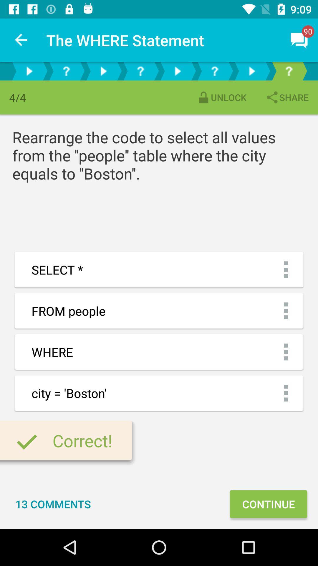 The image size is (318, 566). What do you see at coordinates (53, 504) in the screenshot?
I see `icon to the left of the continue` at bounding box center [53, 504].